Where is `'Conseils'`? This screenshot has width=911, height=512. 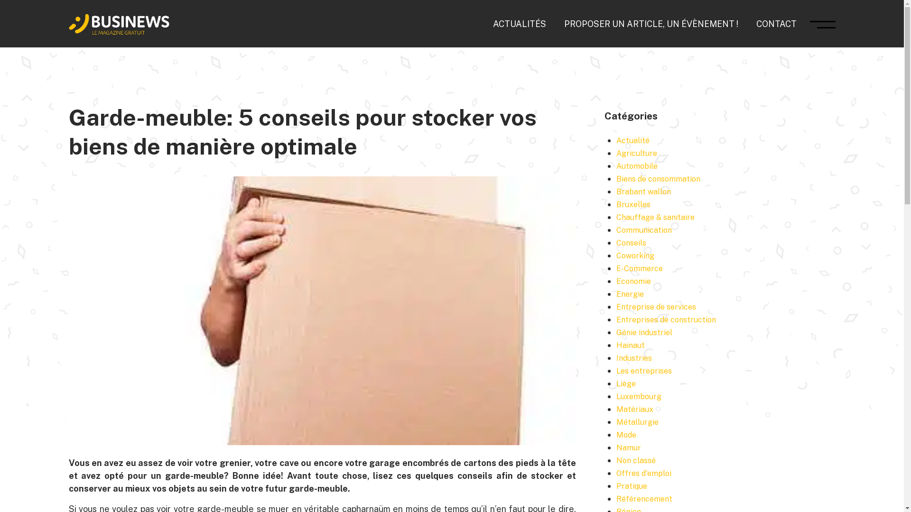 'Conseils' is located at coordinates (631, 242).